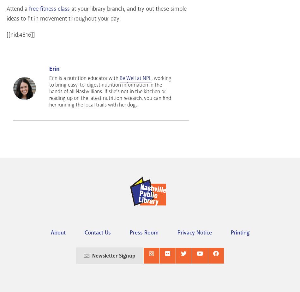 The height and width of the screenshot is (292, 300). I want to click on 'Press Room', so click(143, 232).